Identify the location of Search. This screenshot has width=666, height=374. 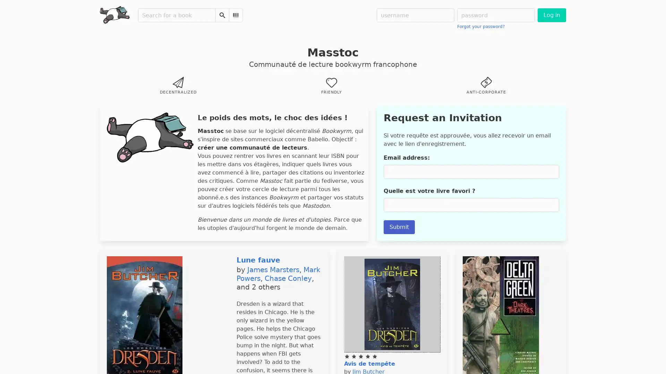
(222, 15).